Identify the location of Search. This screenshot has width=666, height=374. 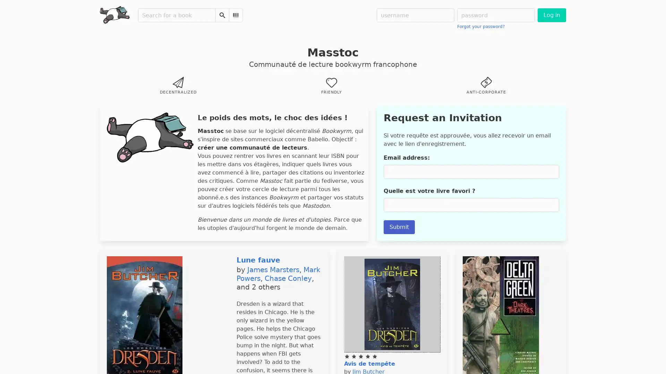
(222, 15).